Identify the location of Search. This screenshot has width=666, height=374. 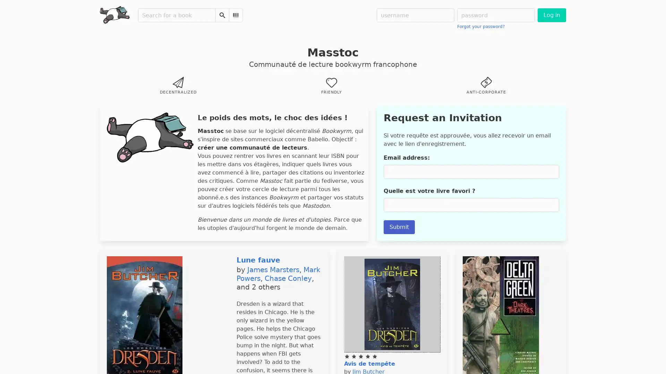
(222, 15).